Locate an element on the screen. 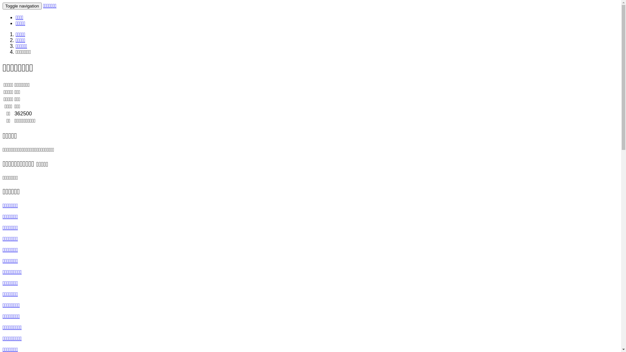 The height and width of the screenshot is (352, 626). 'Toggle navigation' is located at coordinates (22, 6).